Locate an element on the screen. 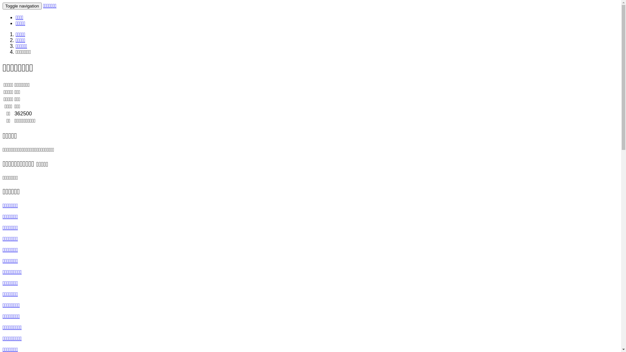 The height and width of the screenshot is (352, 626). 'Toggle navigation' is located at coordinates (22, 6).